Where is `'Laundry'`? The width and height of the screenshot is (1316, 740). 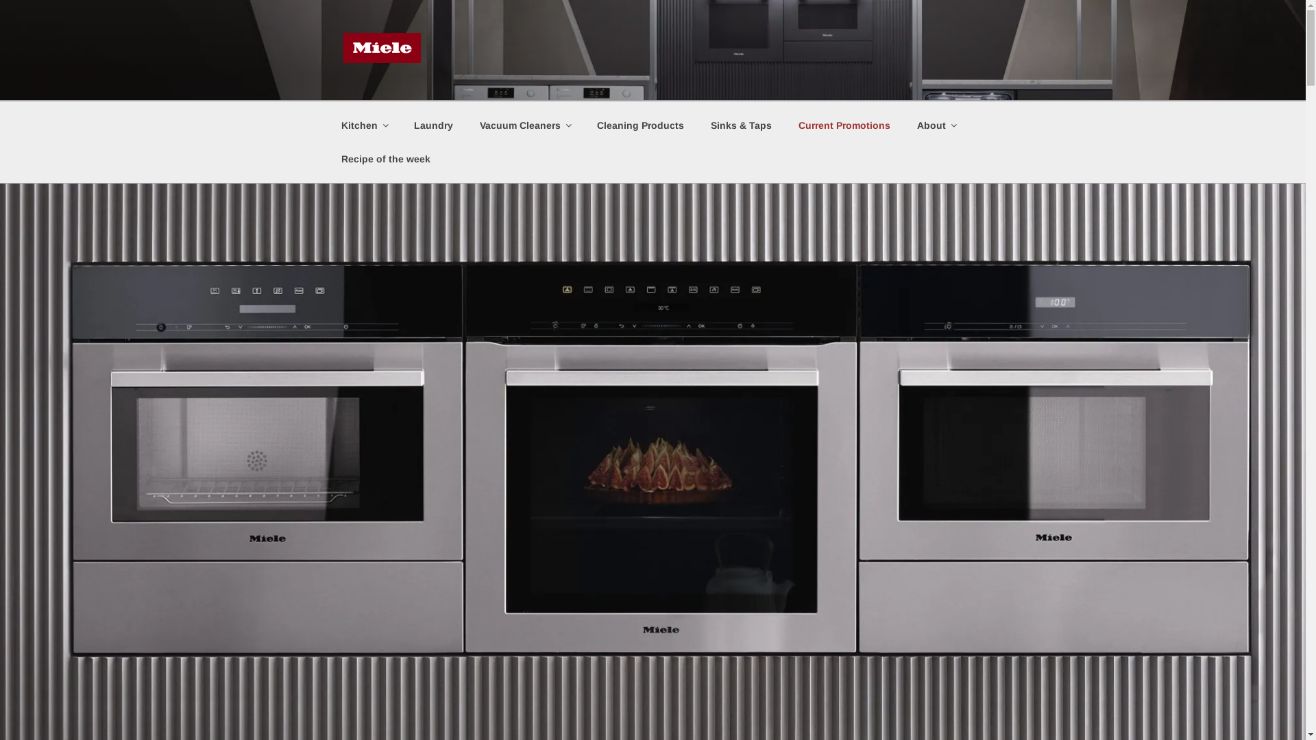
'Laundry' is located at coordinates (432, 125).